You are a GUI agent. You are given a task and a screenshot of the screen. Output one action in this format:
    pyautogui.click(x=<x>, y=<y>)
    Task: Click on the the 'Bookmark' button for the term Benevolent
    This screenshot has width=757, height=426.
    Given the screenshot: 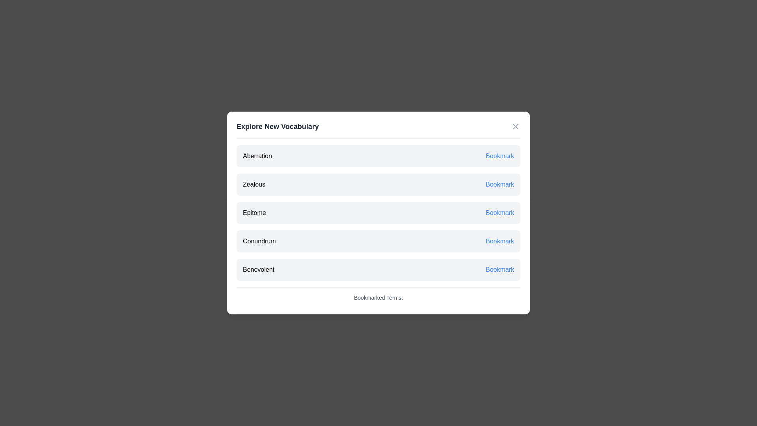 What is the action you would take?
    pyautogui.click(x=499, y=269)
    